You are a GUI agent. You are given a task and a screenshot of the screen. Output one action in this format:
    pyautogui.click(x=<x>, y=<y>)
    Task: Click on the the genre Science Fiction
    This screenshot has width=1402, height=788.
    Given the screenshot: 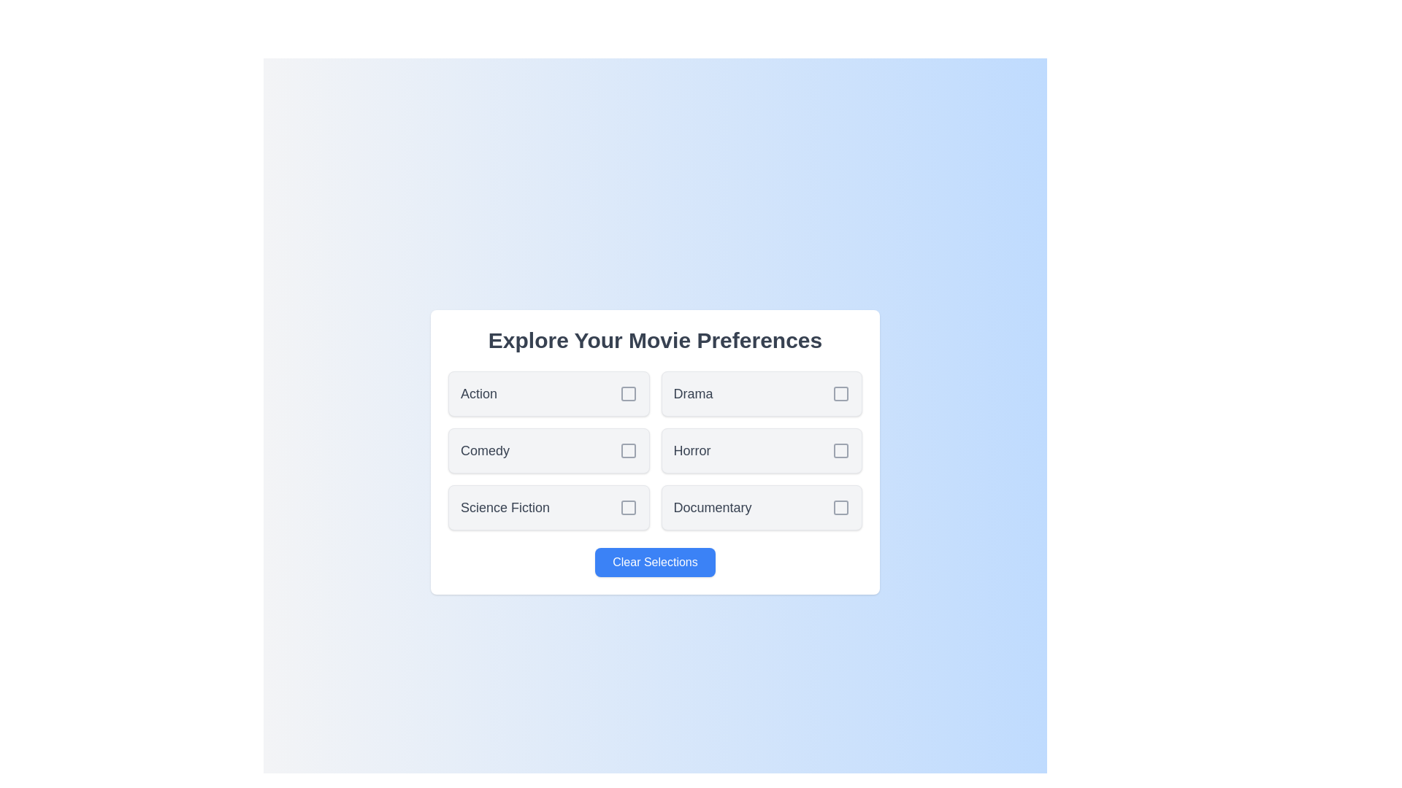 What is the action you would take?
    pyautogui.click(x=548, y=506)
    